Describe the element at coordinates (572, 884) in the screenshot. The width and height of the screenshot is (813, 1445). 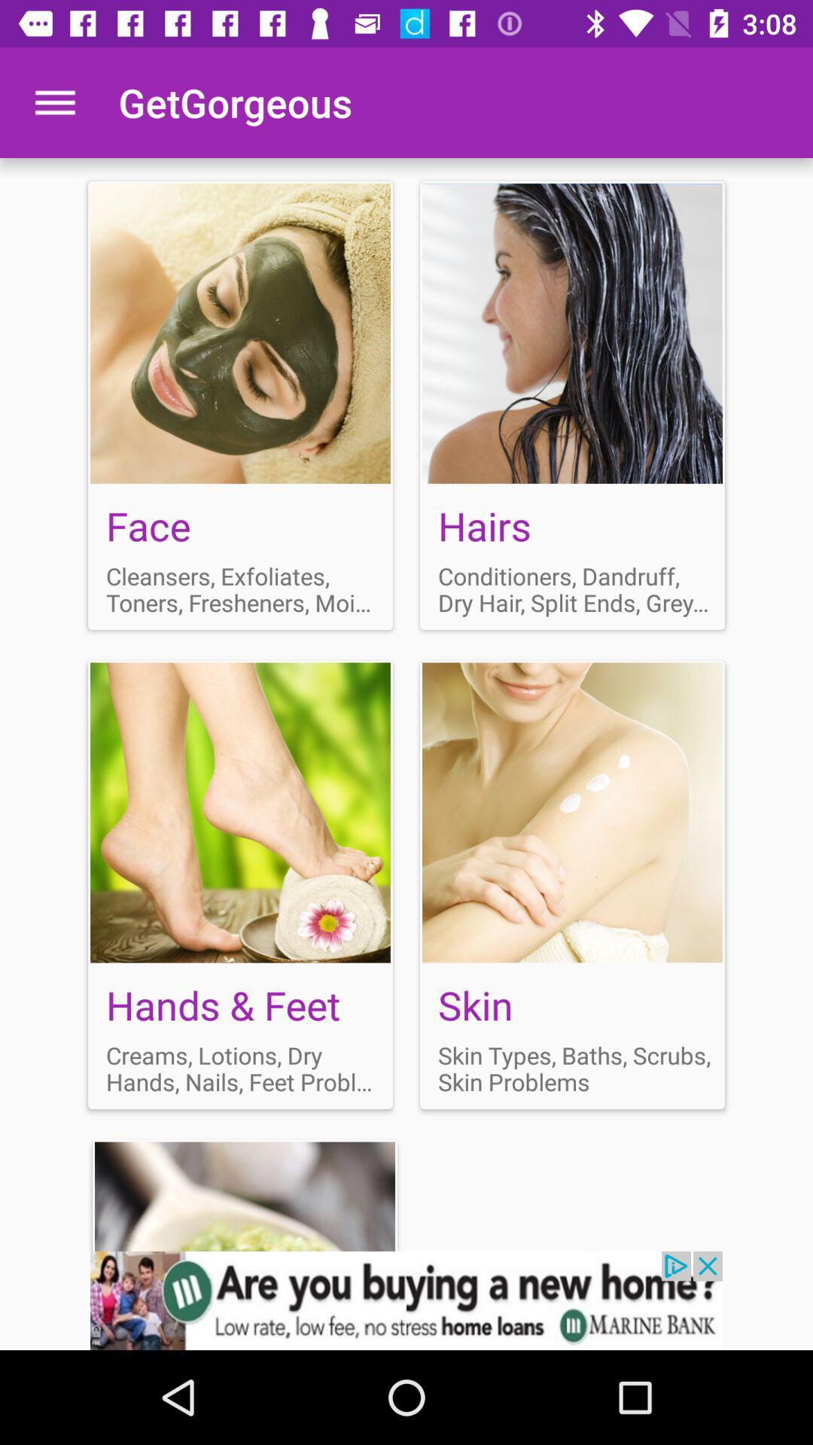
I see `advertisement` at that location.